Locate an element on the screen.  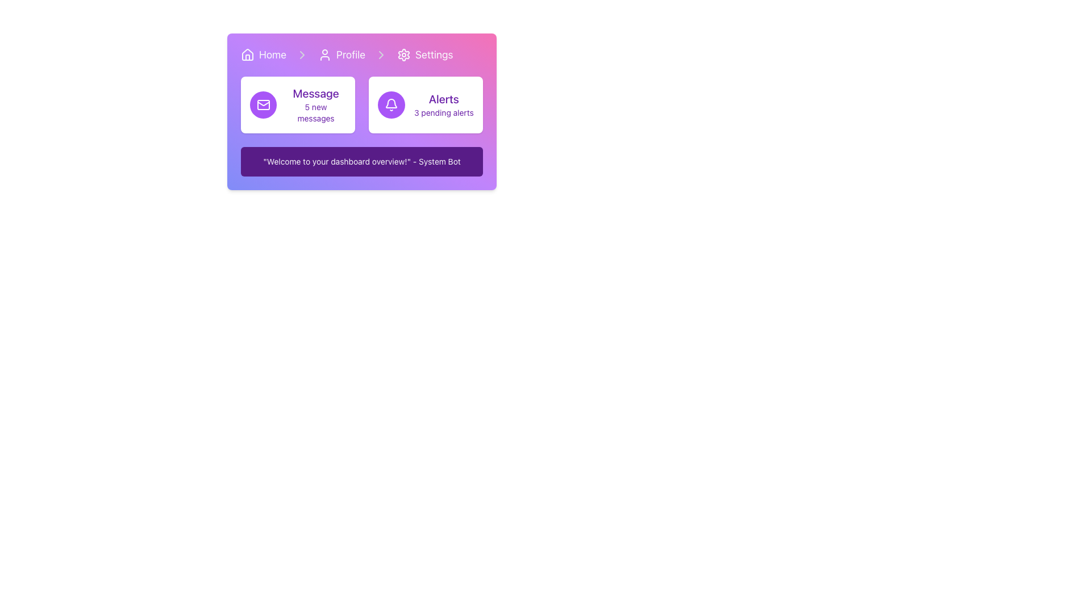
the 'Home' button in the navigation bar, which displays the text 'Home' beside a house icon, styled in white against a light purple background is located at coordinates (263, 54).